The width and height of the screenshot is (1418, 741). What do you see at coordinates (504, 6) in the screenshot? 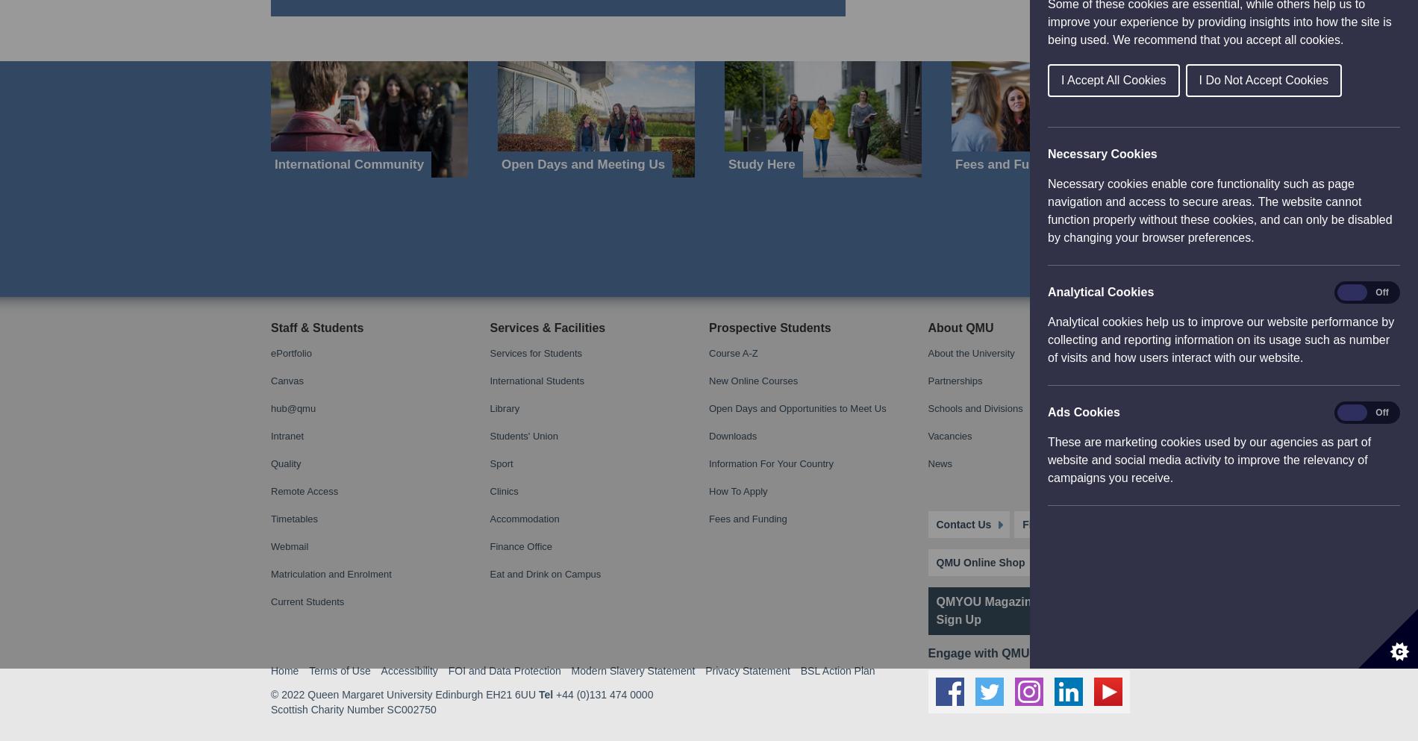
I see `'FOI and Data Protection'` at bounding box center [504, 6].